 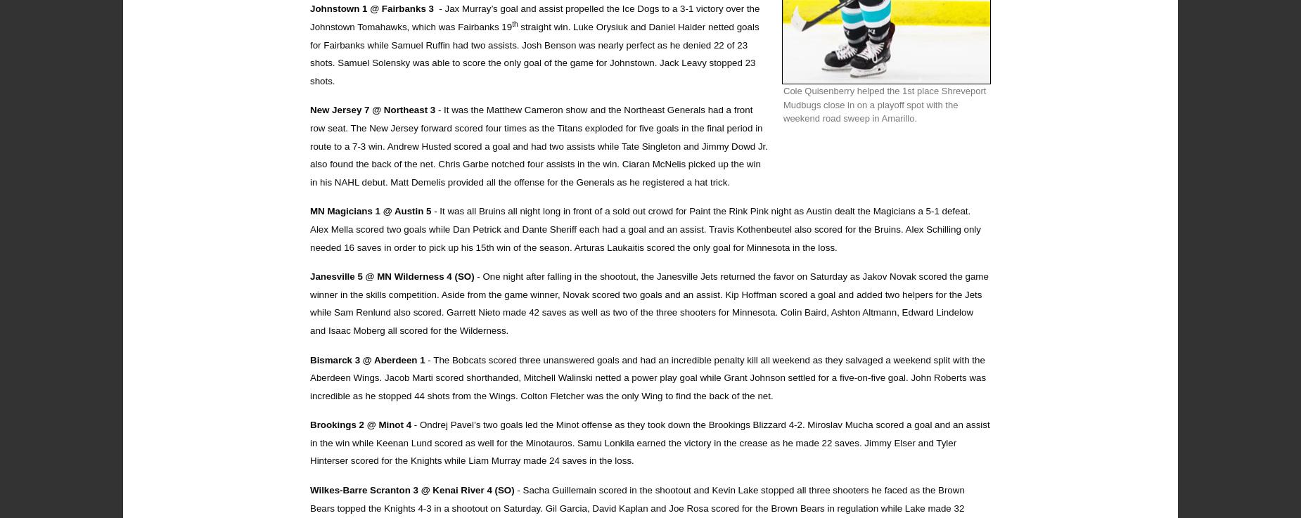 I want to click on 'Wilkes-Barre Scranton 3 @ Kenai River 4 (SO)', so click(x=413, y=490).